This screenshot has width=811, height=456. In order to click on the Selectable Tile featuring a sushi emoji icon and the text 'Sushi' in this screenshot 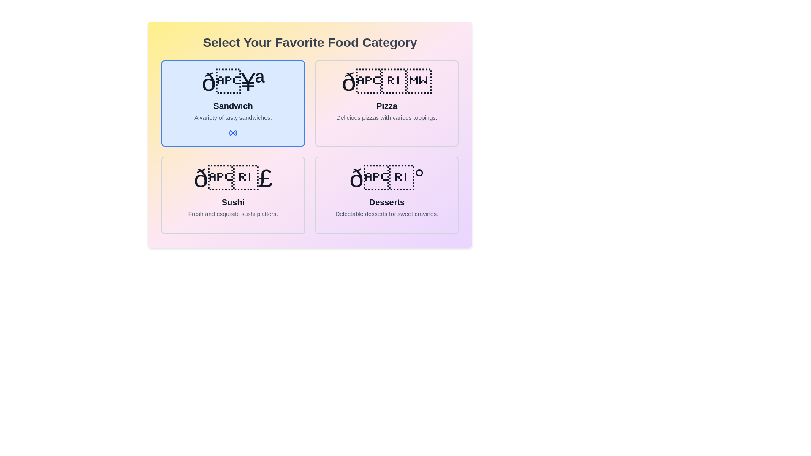, I will do `click(233, 195)`.